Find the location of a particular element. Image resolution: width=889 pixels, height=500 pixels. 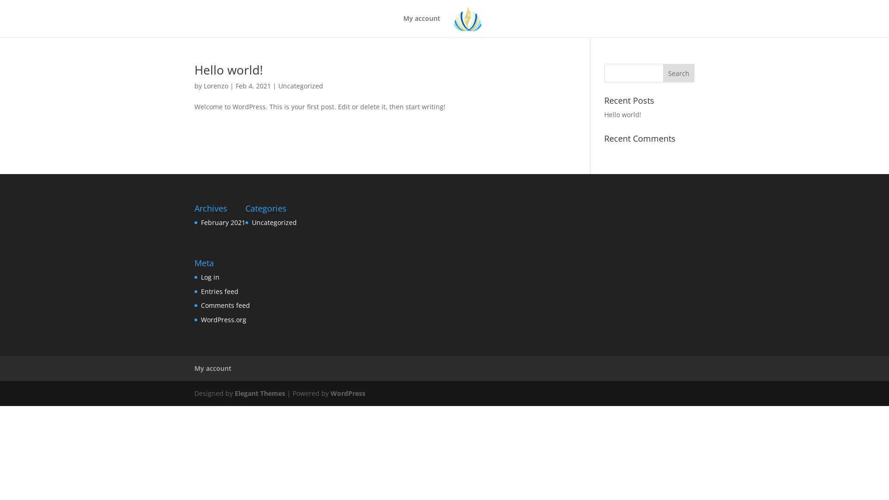

'WordPress' is located at coordinates (347, 393).